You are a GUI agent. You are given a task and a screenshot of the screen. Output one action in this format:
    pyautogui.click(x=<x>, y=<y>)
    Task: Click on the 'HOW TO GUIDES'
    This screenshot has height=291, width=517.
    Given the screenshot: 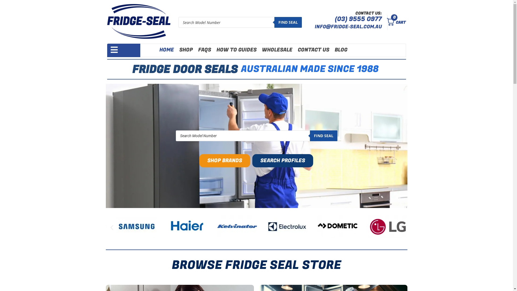 What is the action you would take?
    pyautogui.click(x=236, y=50)
    